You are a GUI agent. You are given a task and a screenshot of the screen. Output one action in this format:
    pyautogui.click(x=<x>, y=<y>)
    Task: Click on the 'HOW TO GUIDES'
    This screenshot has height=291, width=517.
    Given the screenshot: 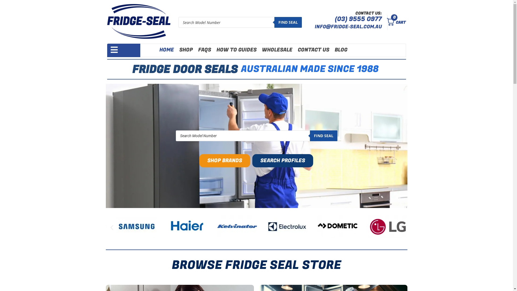 What is the action you would take?
    pyautogui.click(x=236, y=50)
    